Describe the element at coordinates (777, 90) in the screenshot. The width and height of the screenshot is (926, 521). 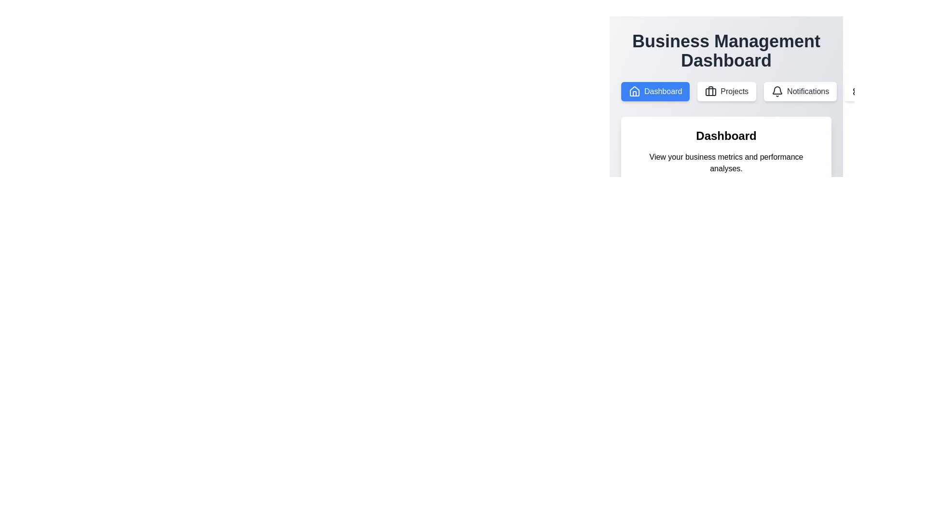
I see `the main body of the notification bell icon, which is part of the 'Notifications' button` at that location.